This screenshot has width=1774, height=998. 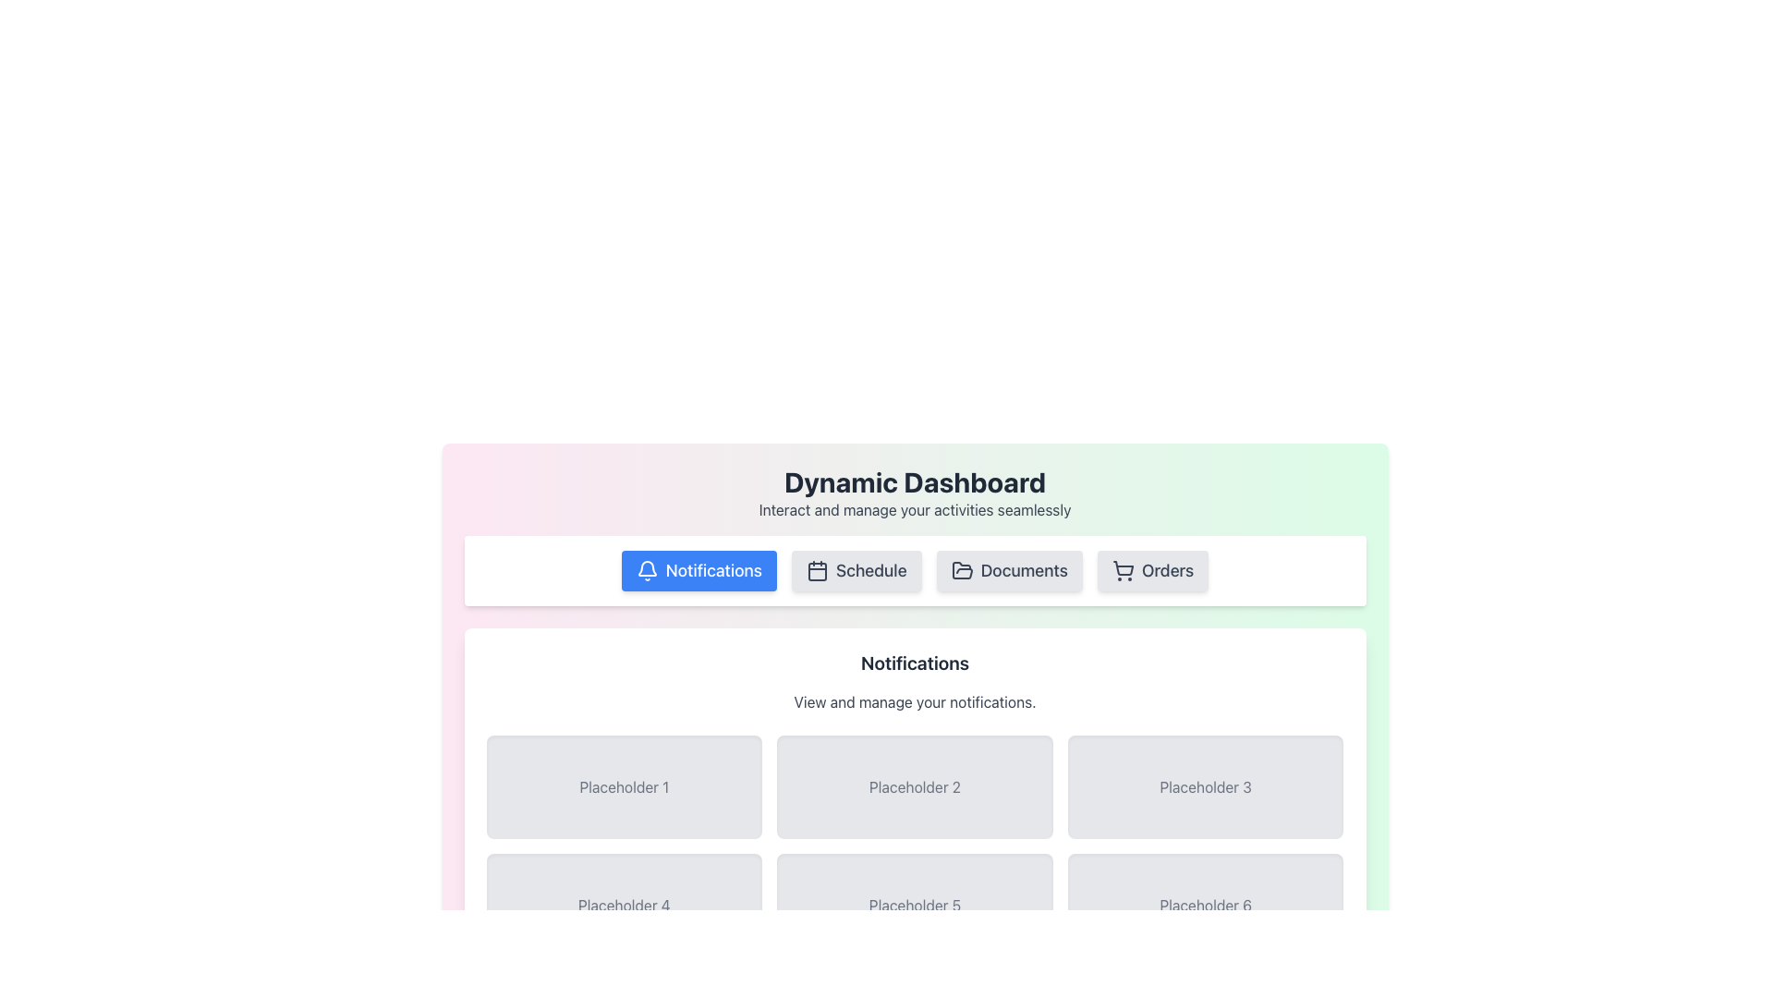 What do you see at coordinates (1167, 569) in the screenshot?
I see `the 'Orders' text label located in the navigation bar` at bounding box center [1167, 569].